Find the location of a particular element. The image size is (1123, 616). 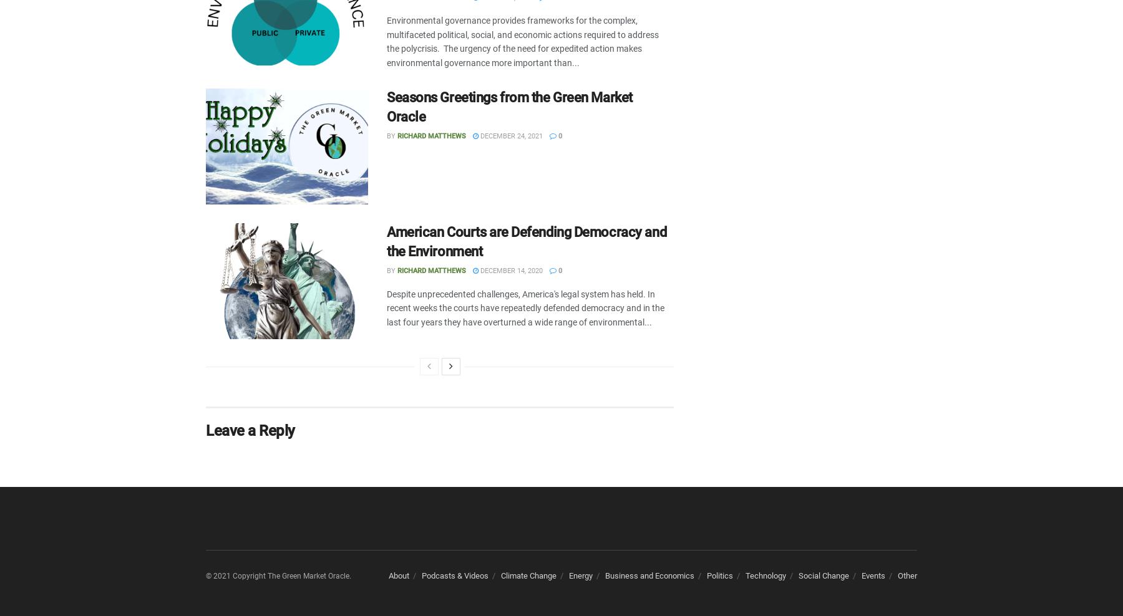

'December 24, 2021' is located at coordinates (477, 136).